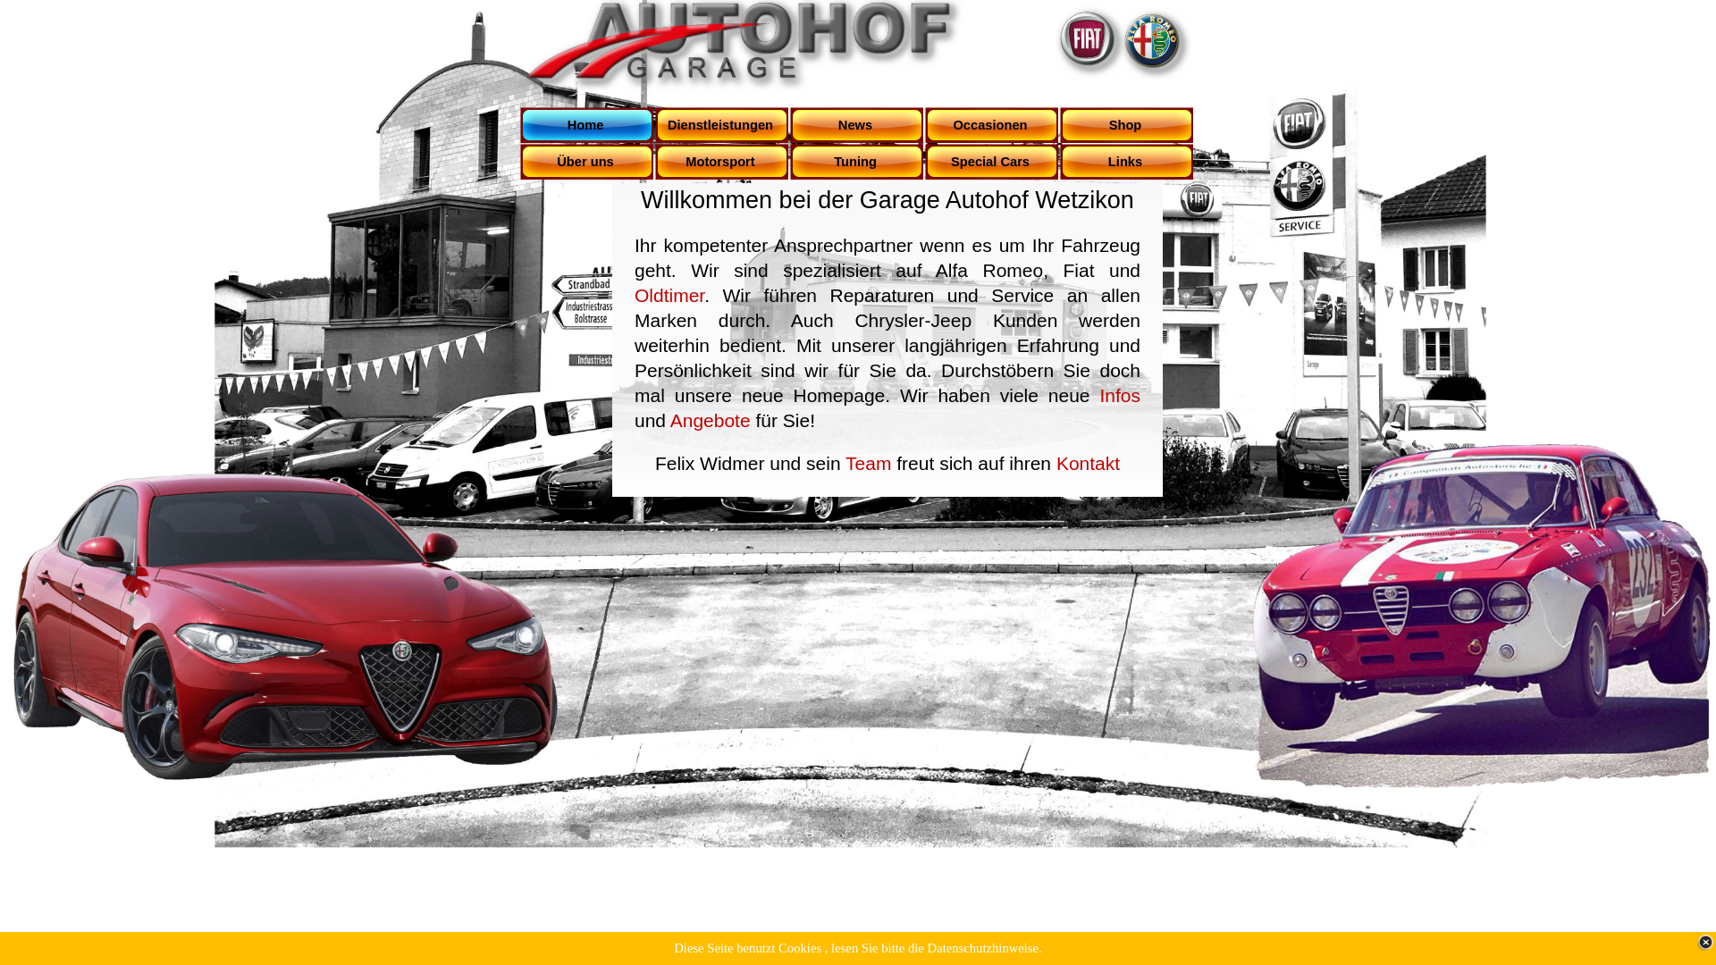  I want to click on 'Links', so click(1126, 162).